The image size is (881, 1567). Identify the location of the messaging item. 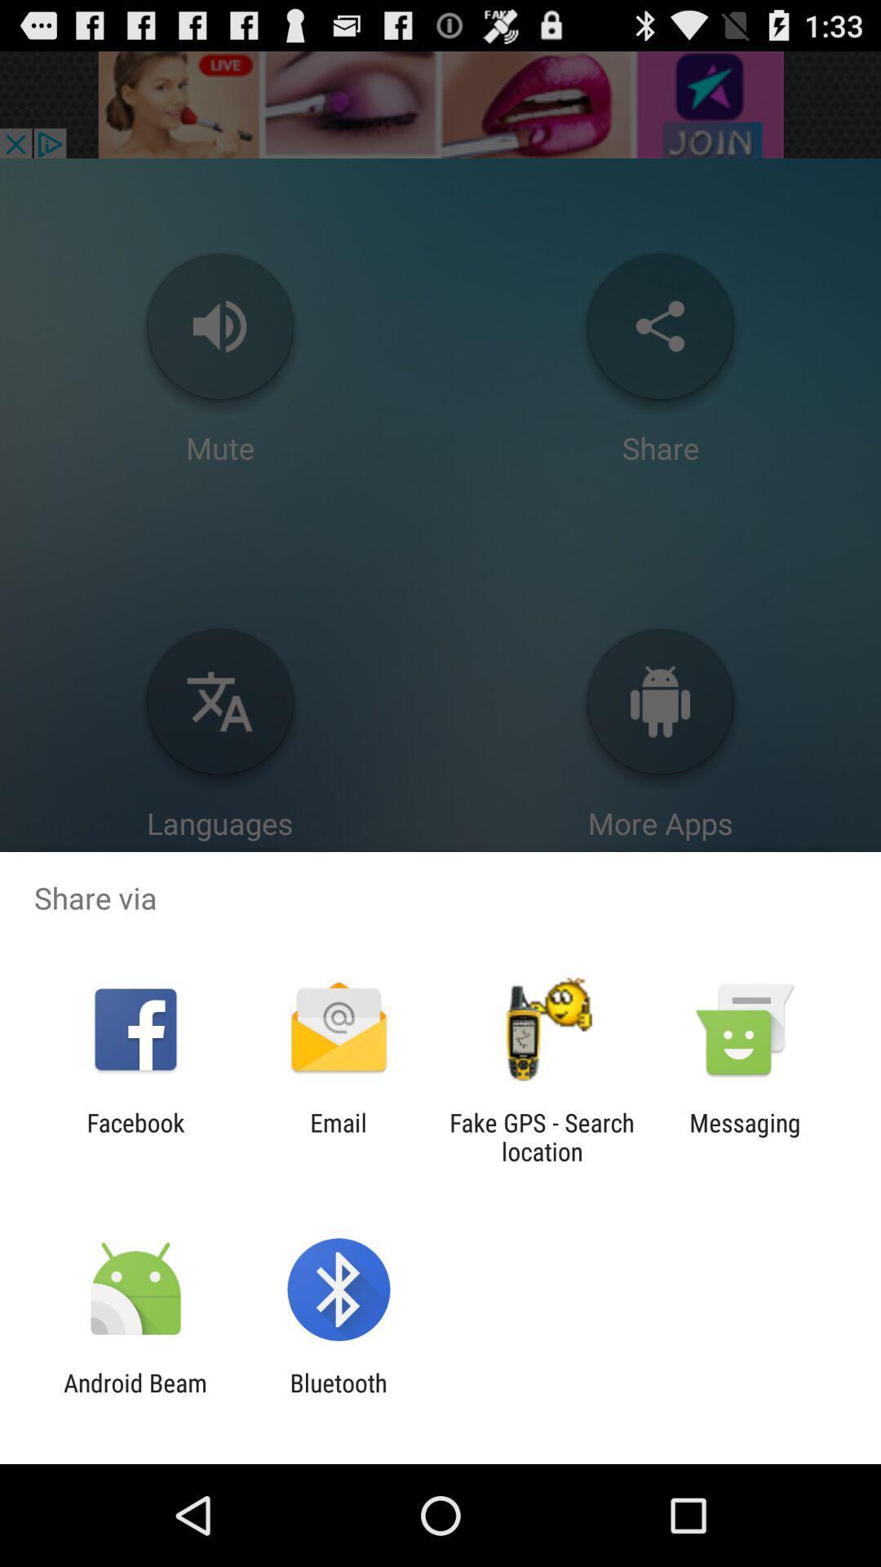
(745, 1136).